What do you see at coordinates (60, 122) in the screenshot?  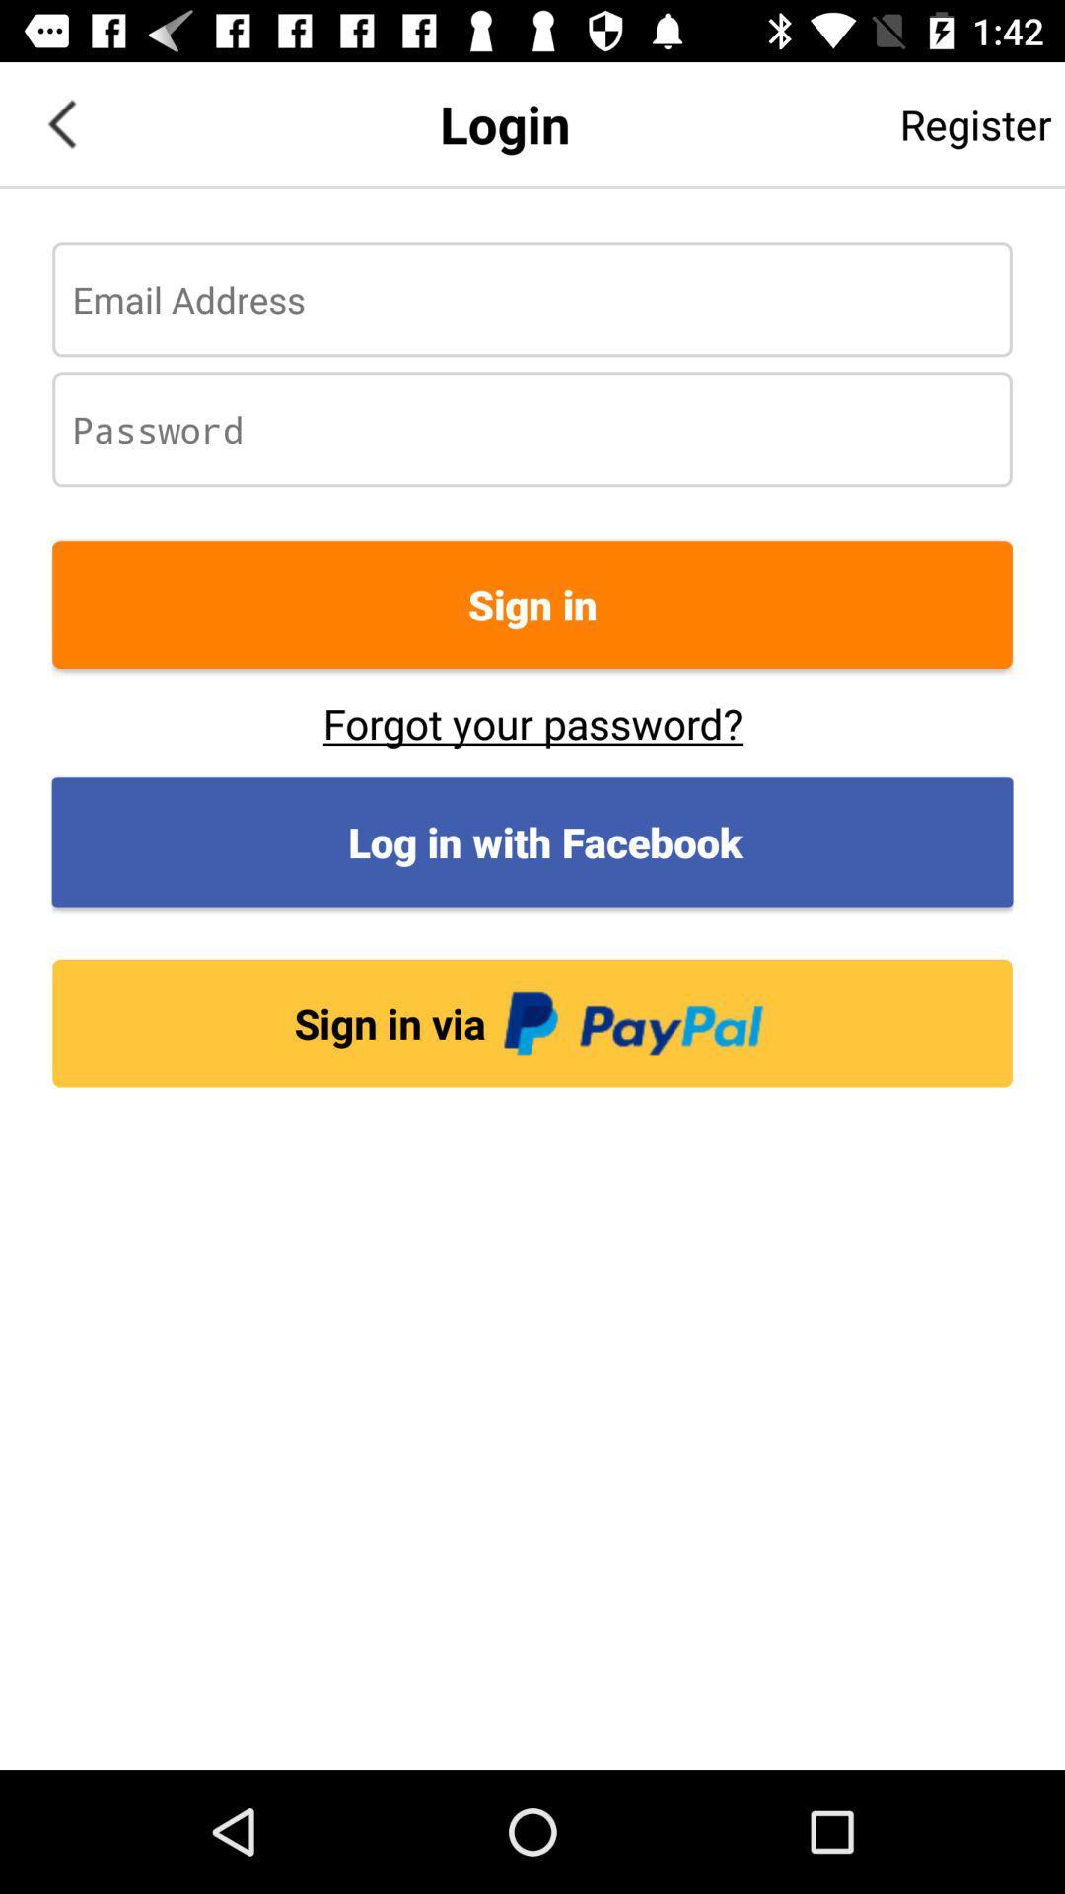 I see `the icon next to login icon` at bounding box center [60, 122].